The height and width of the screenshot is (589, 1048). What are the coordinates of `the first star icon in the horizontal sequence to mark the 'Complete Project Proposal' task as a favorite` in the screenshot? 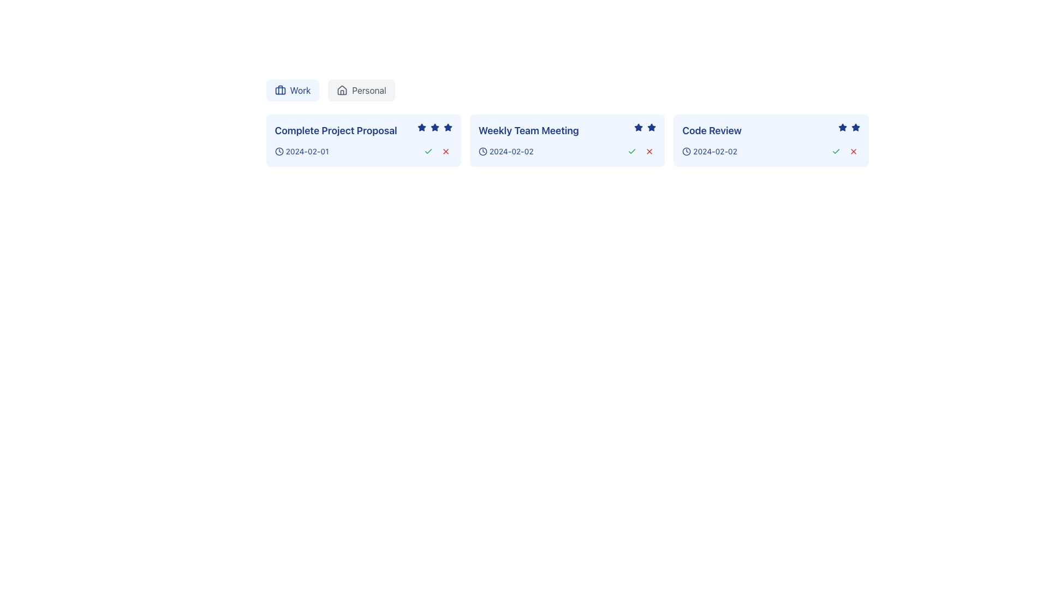 It's located at (421, 127).